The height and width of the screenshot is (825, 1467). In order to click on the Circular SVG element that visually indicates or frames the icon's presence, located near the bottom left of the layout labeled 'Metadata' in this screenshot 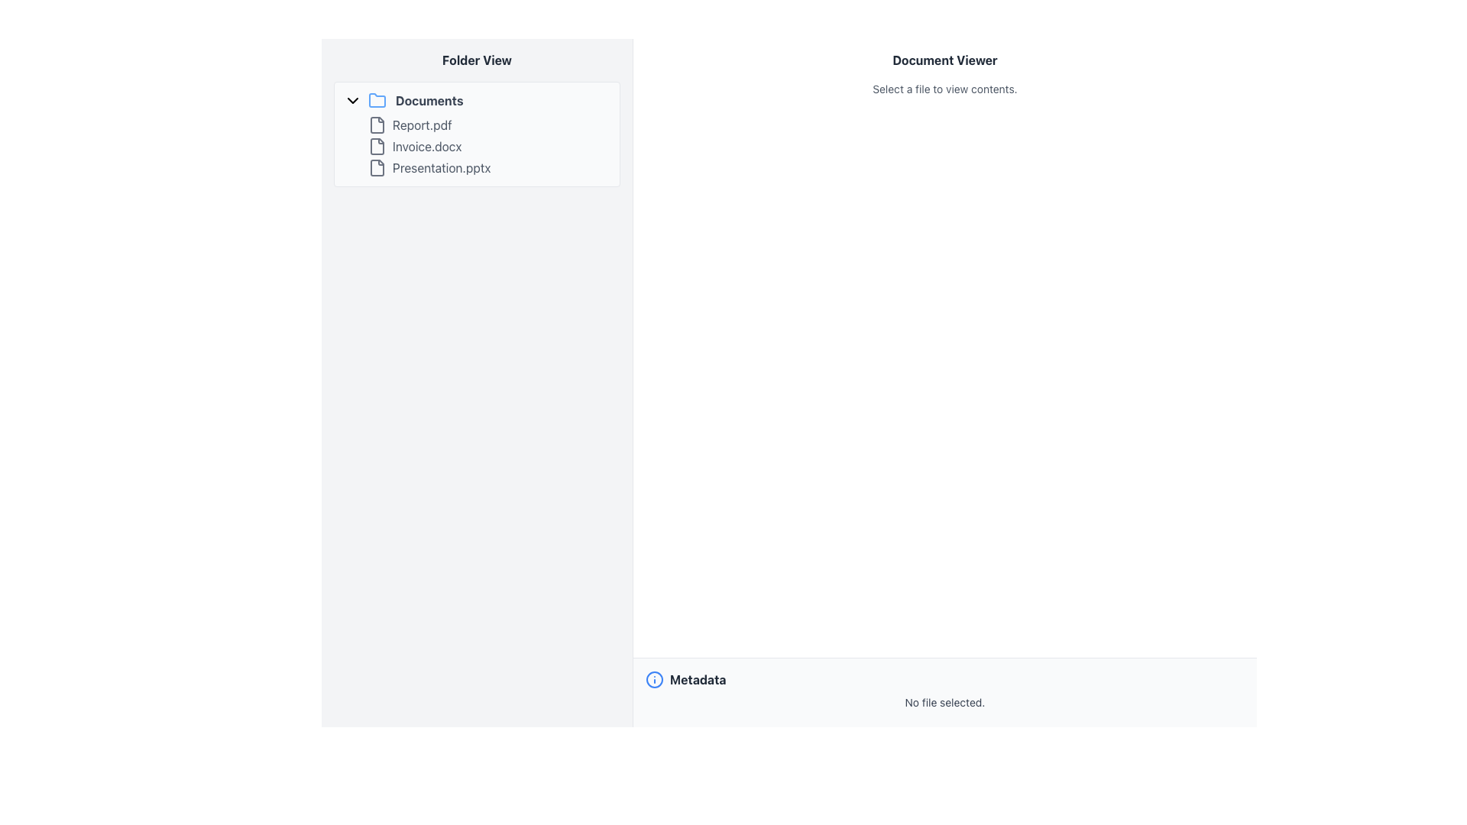, I will do `click(655, 679)`.